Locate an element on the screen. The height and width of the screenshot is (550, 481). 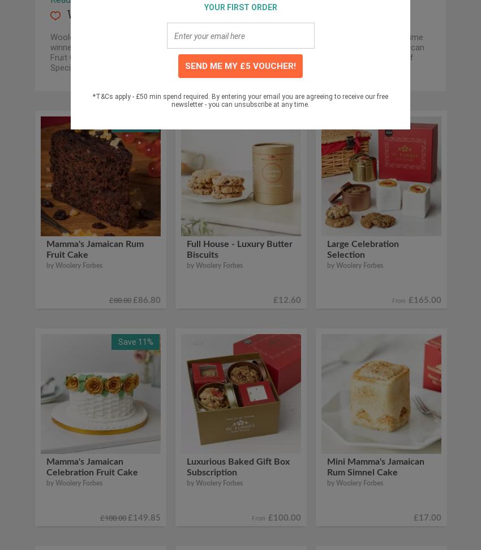
'The products are known for their' is located at coordinates (113, 44).